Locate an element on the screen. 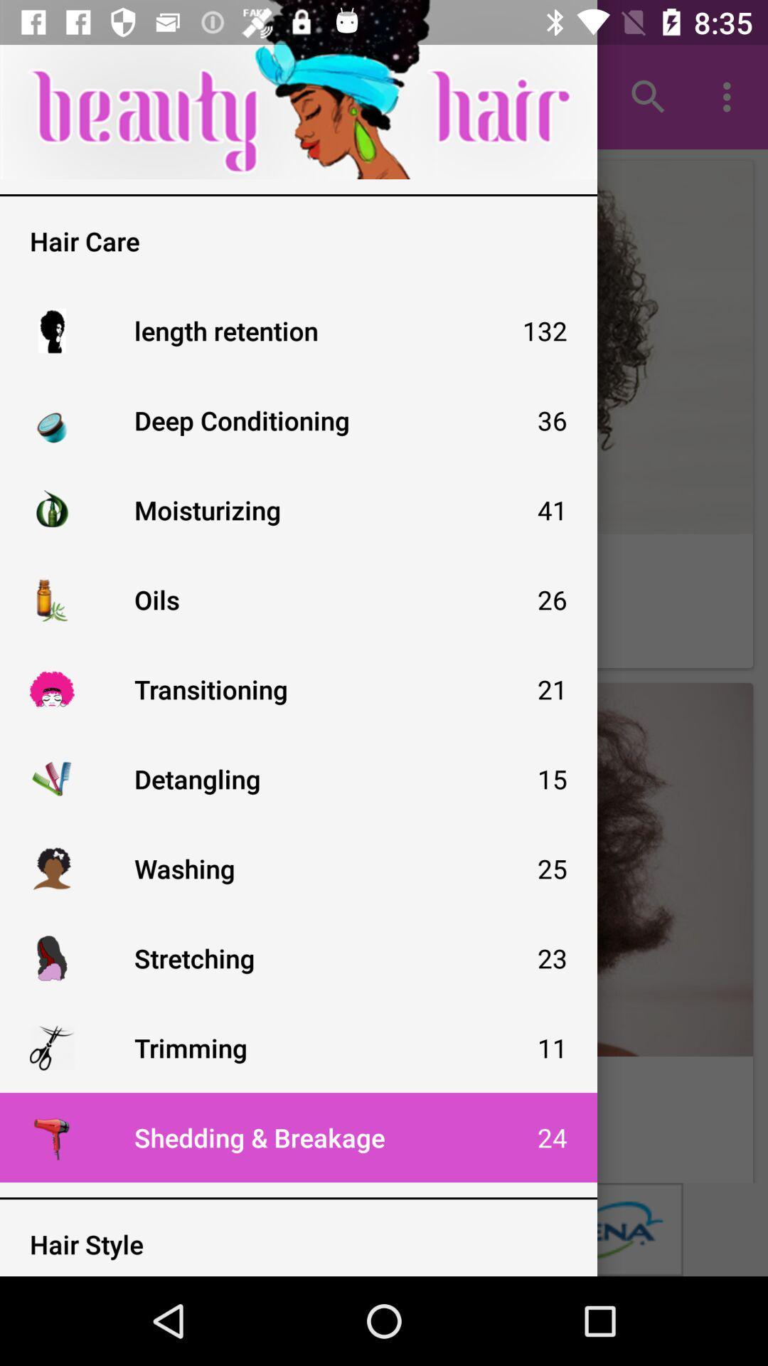  the scissor is located at coordinates (51, 1048).